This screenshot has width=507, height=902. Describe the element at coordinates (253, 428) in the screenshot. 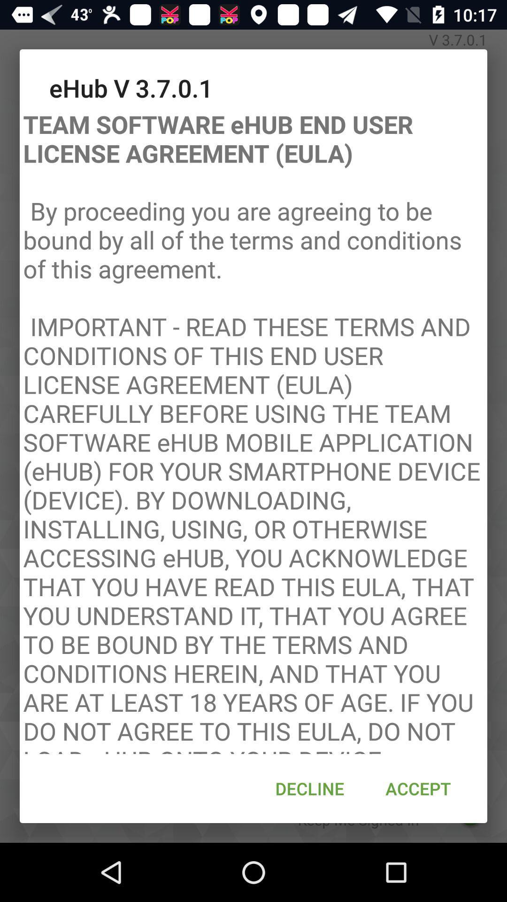

I see `the team software ehub item` at that location.